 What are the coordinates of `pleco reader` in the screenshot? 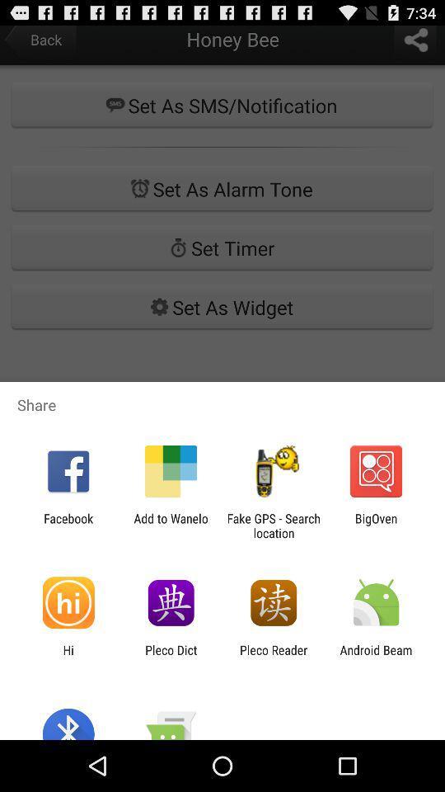 It's located at (274, 657).